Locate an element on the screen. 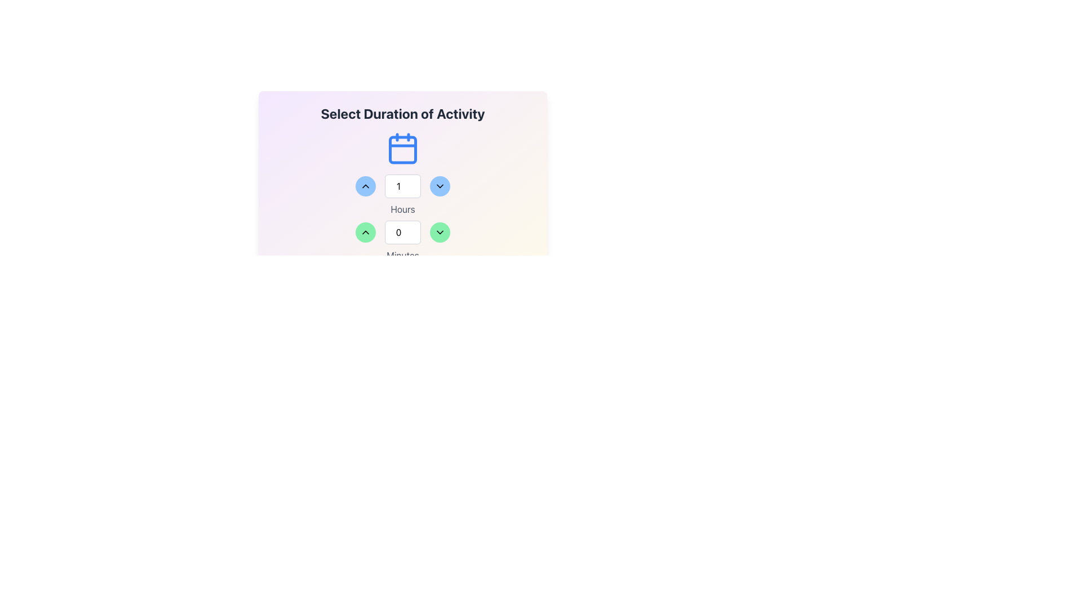 This screenshot has width=1082, height=608. the circular green button with an upward-facing black chevron icon to observe visual feedback is located at coordinates (365, 231).